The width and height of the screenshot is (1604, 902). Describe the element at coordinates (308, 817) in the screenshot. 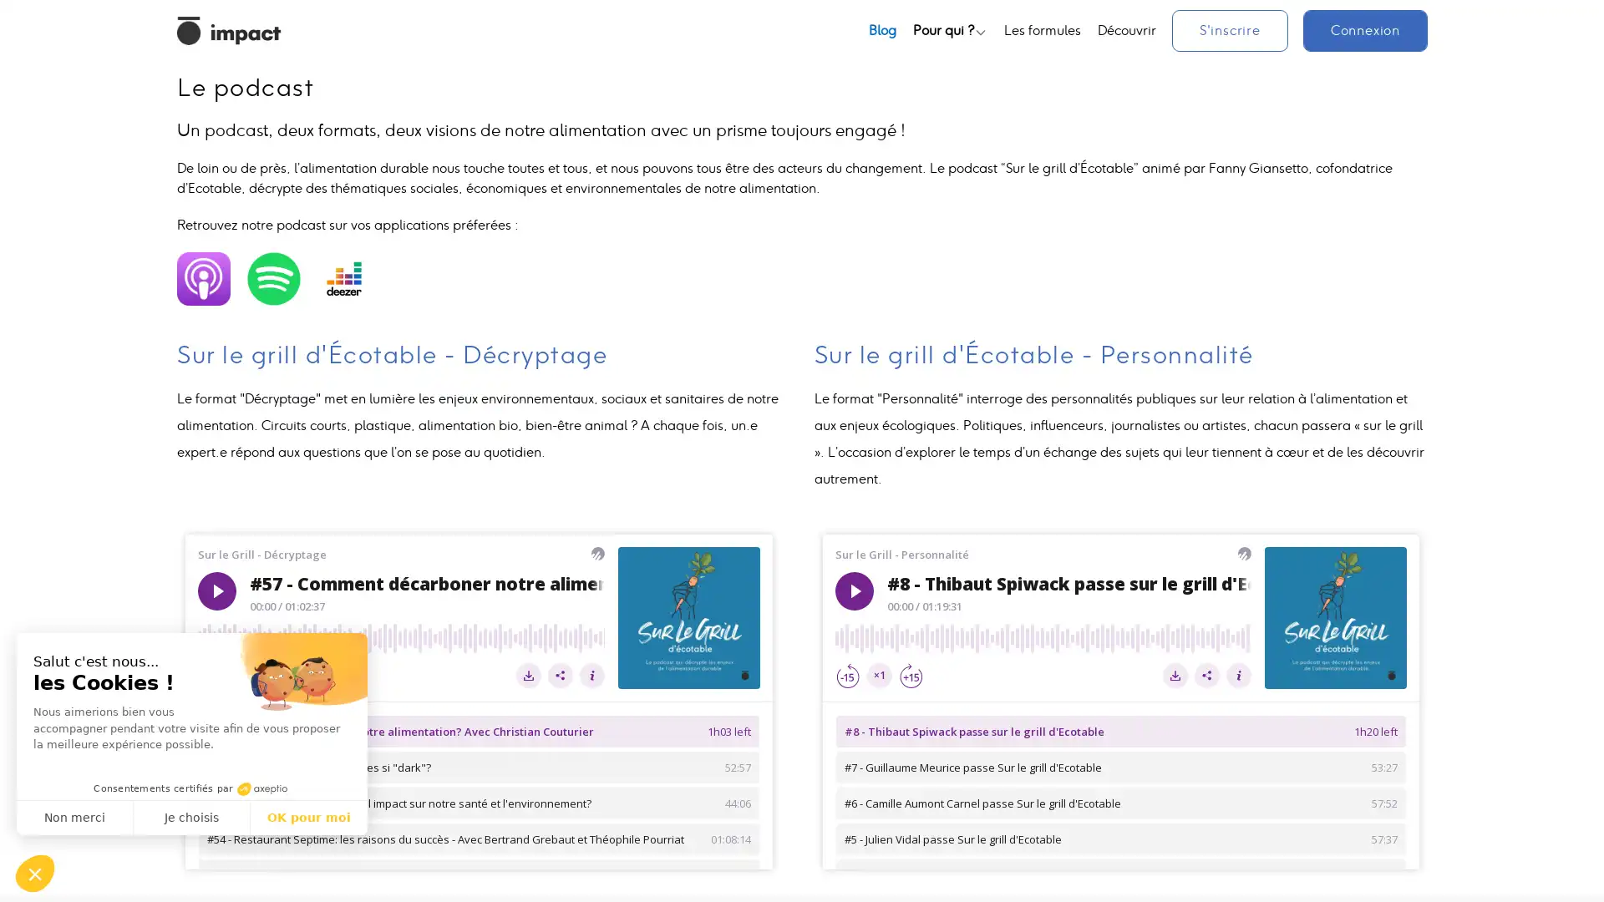

I see `OK pour moi` at that location.